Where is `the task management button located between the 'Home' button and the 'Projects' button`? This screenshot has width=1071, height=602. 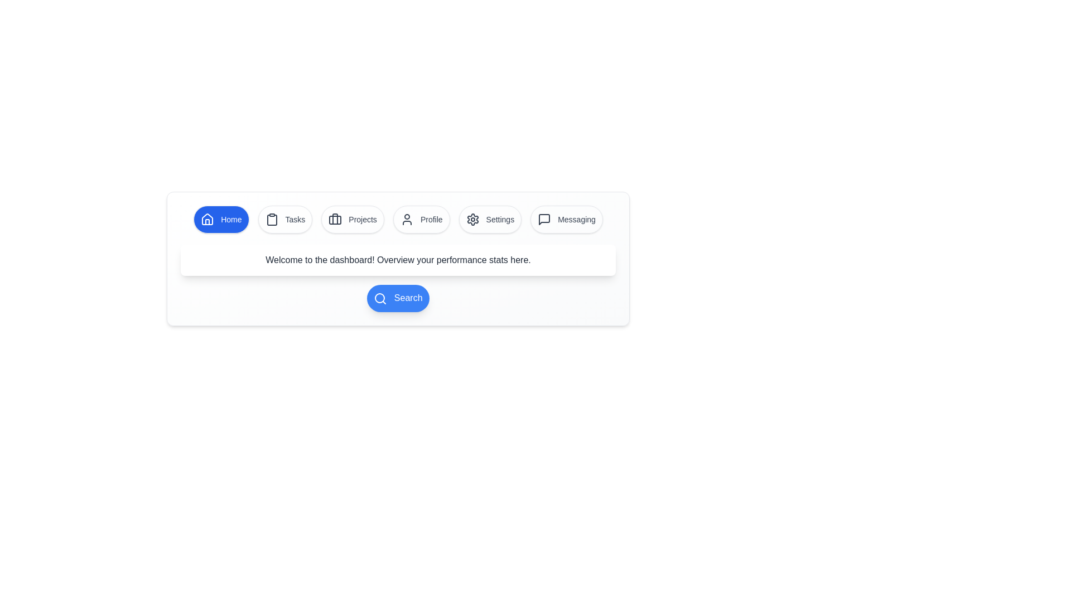 the task management button located between the 'Home' button and the 'Projects' button is located at coordinates (285, 219).